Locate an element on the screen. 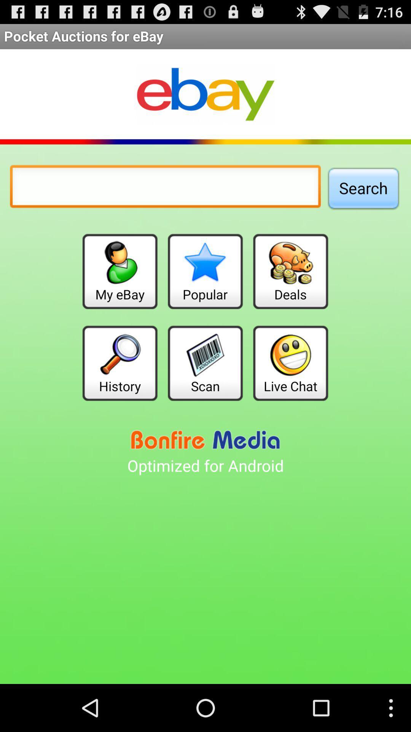 This screenshot has width=411, height=732. item below popular icon is located at coordinates (205, 363).